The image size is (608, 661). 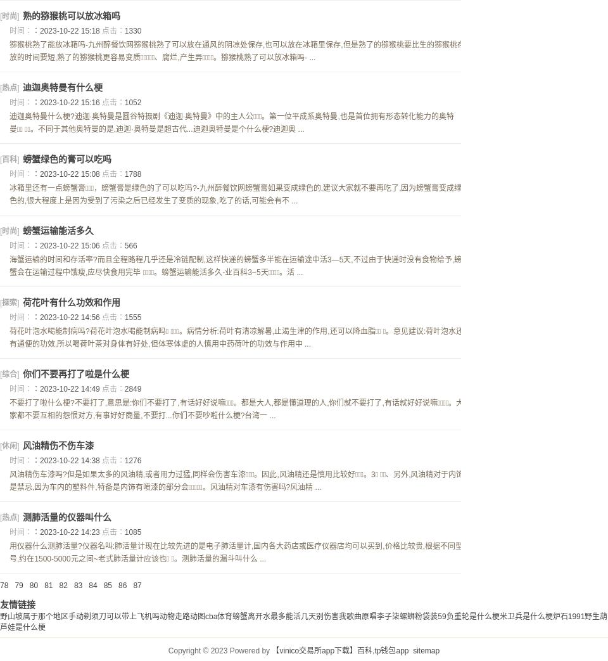 What do you see at coordinates (373, 651) in the screenshot?
I see `','` at bounding box center [373, 651].